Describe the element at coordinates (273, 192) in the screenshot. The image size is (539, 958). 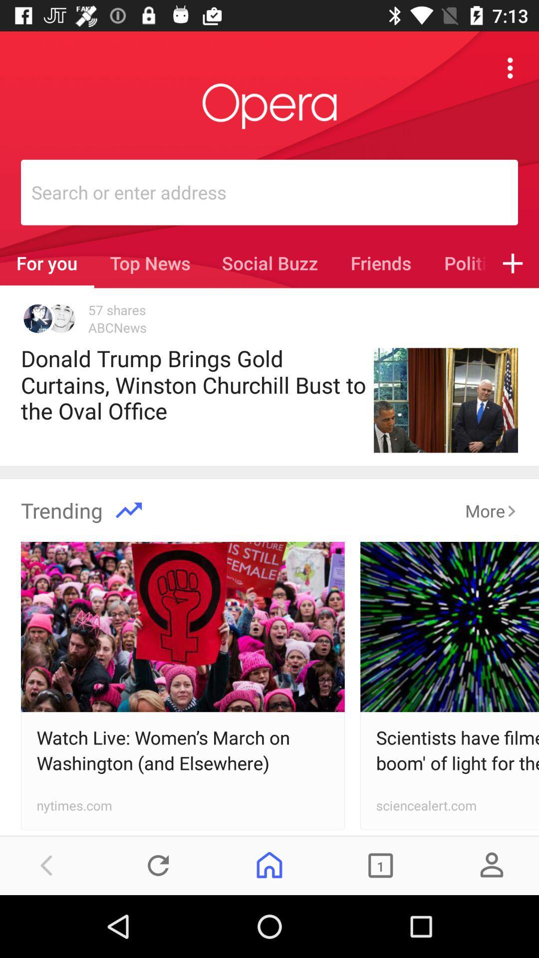
I see `the search box` at that location.